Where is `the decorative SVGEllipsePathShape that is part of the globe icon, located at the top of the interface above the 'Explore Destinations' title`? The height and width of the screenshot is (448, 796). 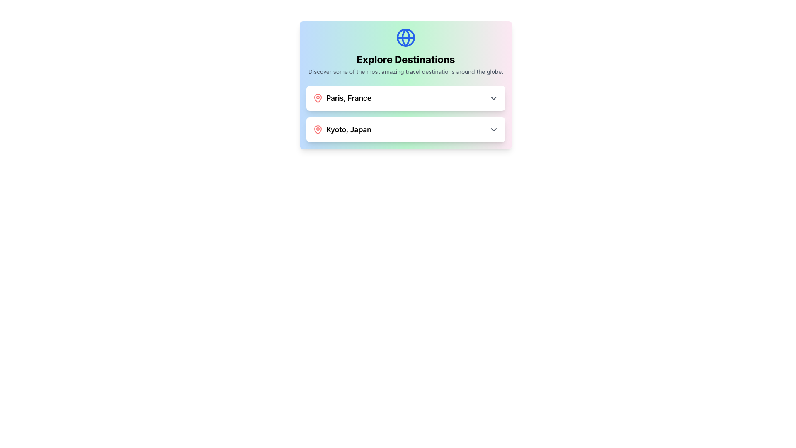
the decorative SVGEllipsePathShape that is part of the globe icon, located at the top of the interface above the 'Explore Destinations' title is located at coordinates (406, 38).